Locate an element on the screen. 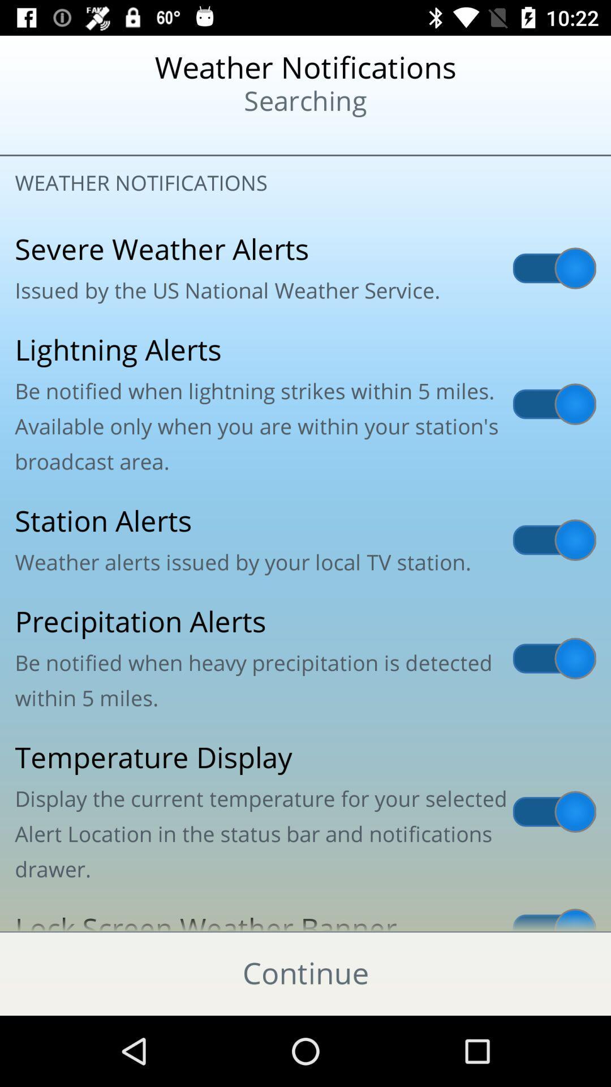 The width and height of the screenshot is (611, 1087). the item above the lock screen weather icon is located at coordinates (305, 811).